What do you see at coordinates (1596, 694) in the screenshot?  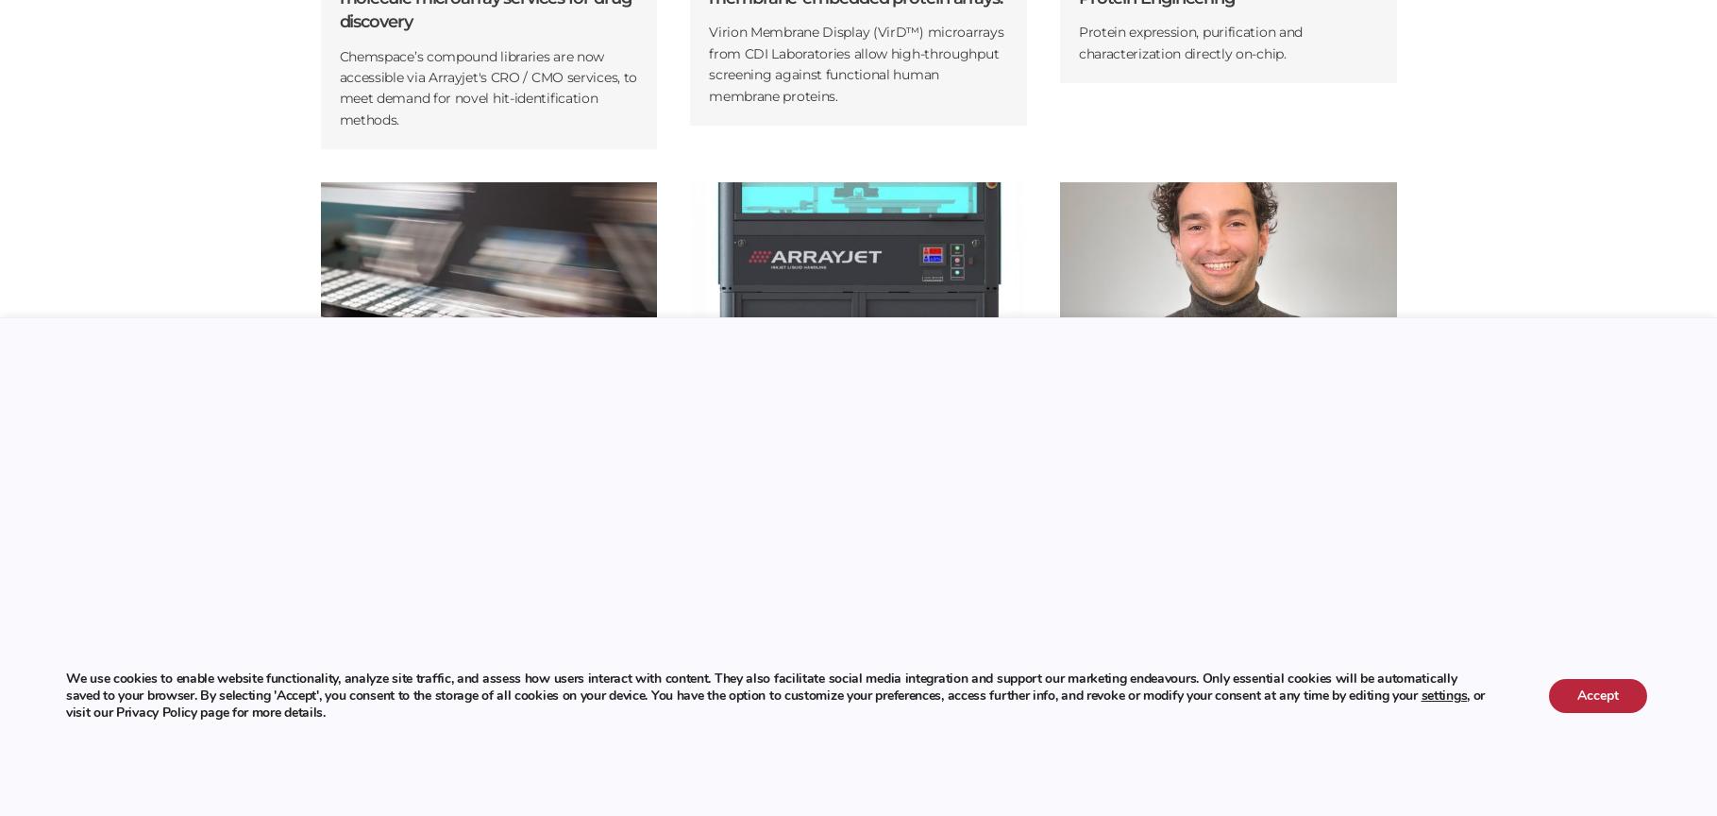 I see `'Accept'` at bounding box center [1596, 694].